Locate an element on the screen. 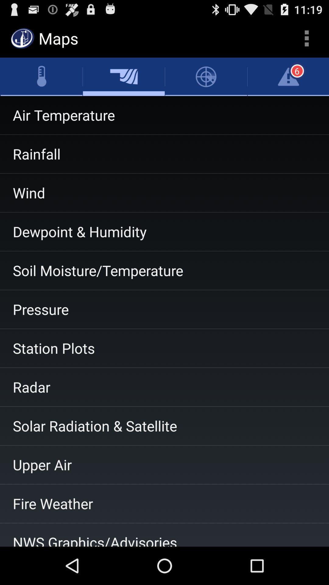 The width and height of the screenshot is (329, 585). the symbol next to temperature symbol is located at coordinates (123, 76).